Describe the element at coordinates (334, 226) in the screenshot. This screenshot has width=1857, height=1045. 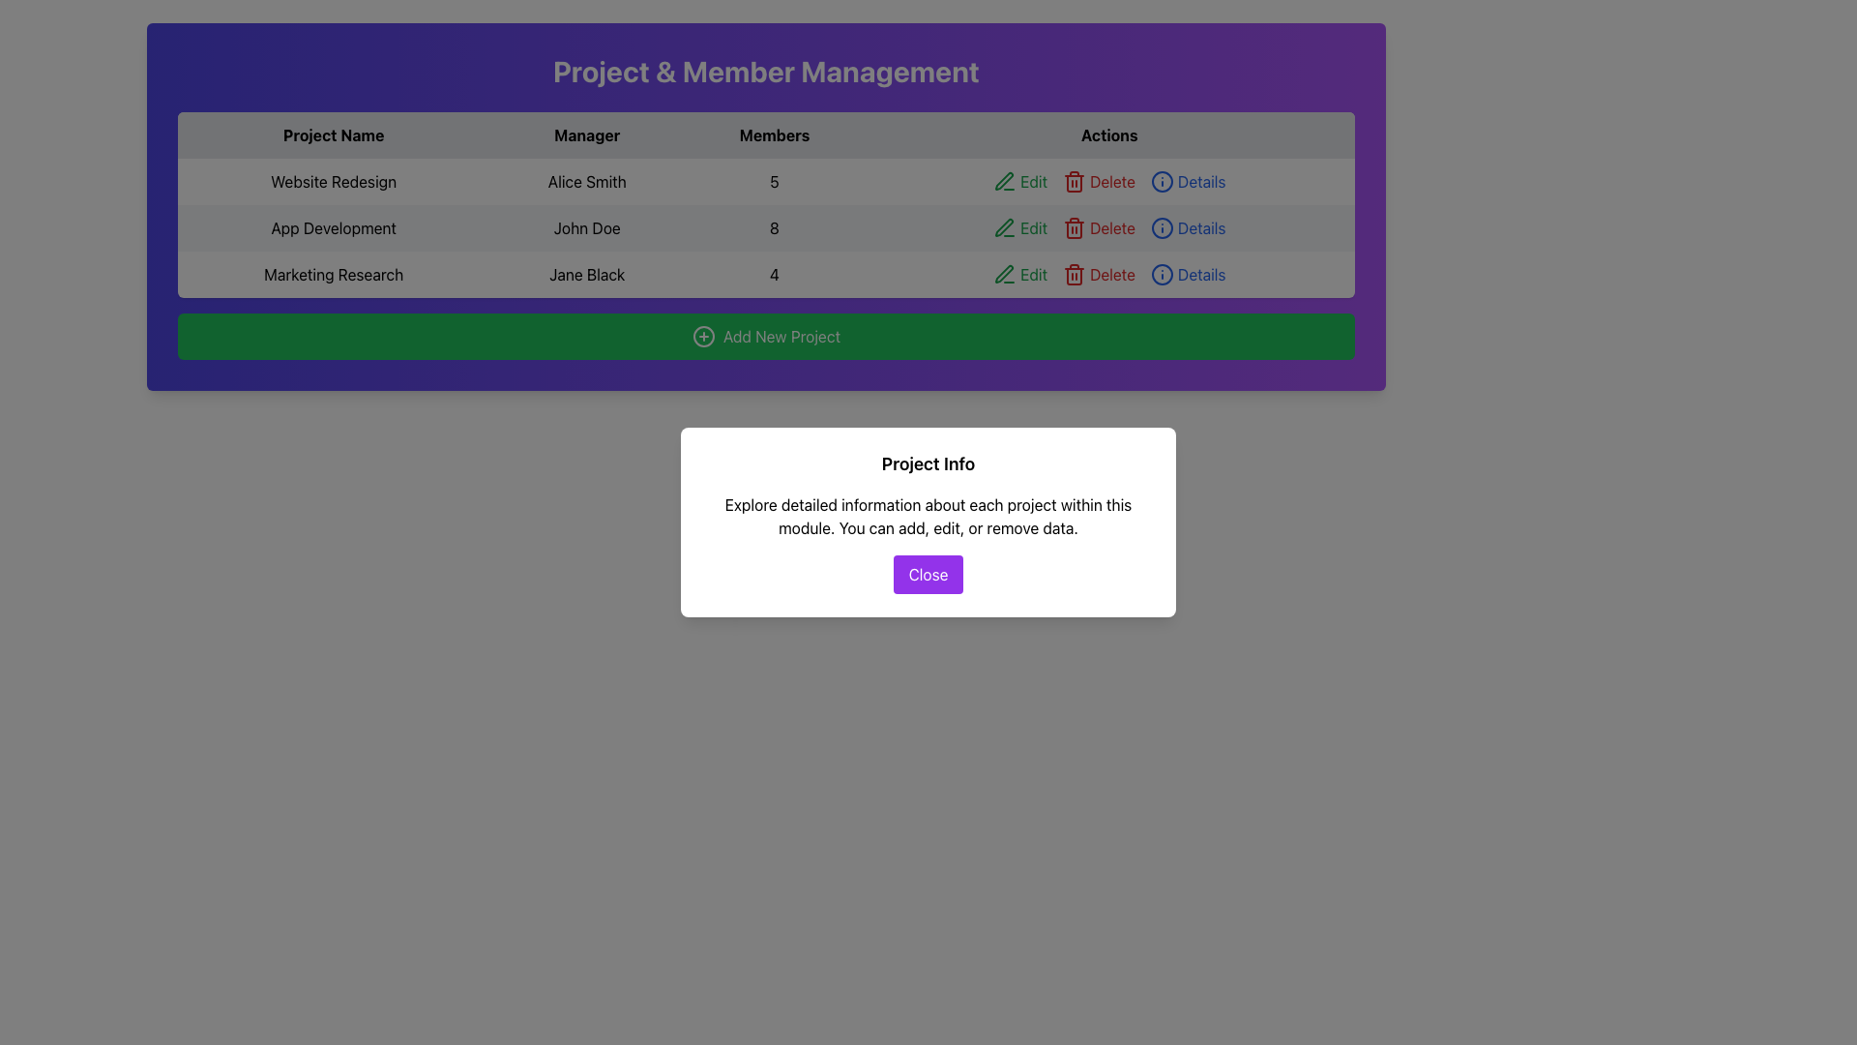
I see `the static text label 'App Development' located in the first cell under the 'Project Name' column in the second row of the table in the 'Project & Member Management' section` at that location.